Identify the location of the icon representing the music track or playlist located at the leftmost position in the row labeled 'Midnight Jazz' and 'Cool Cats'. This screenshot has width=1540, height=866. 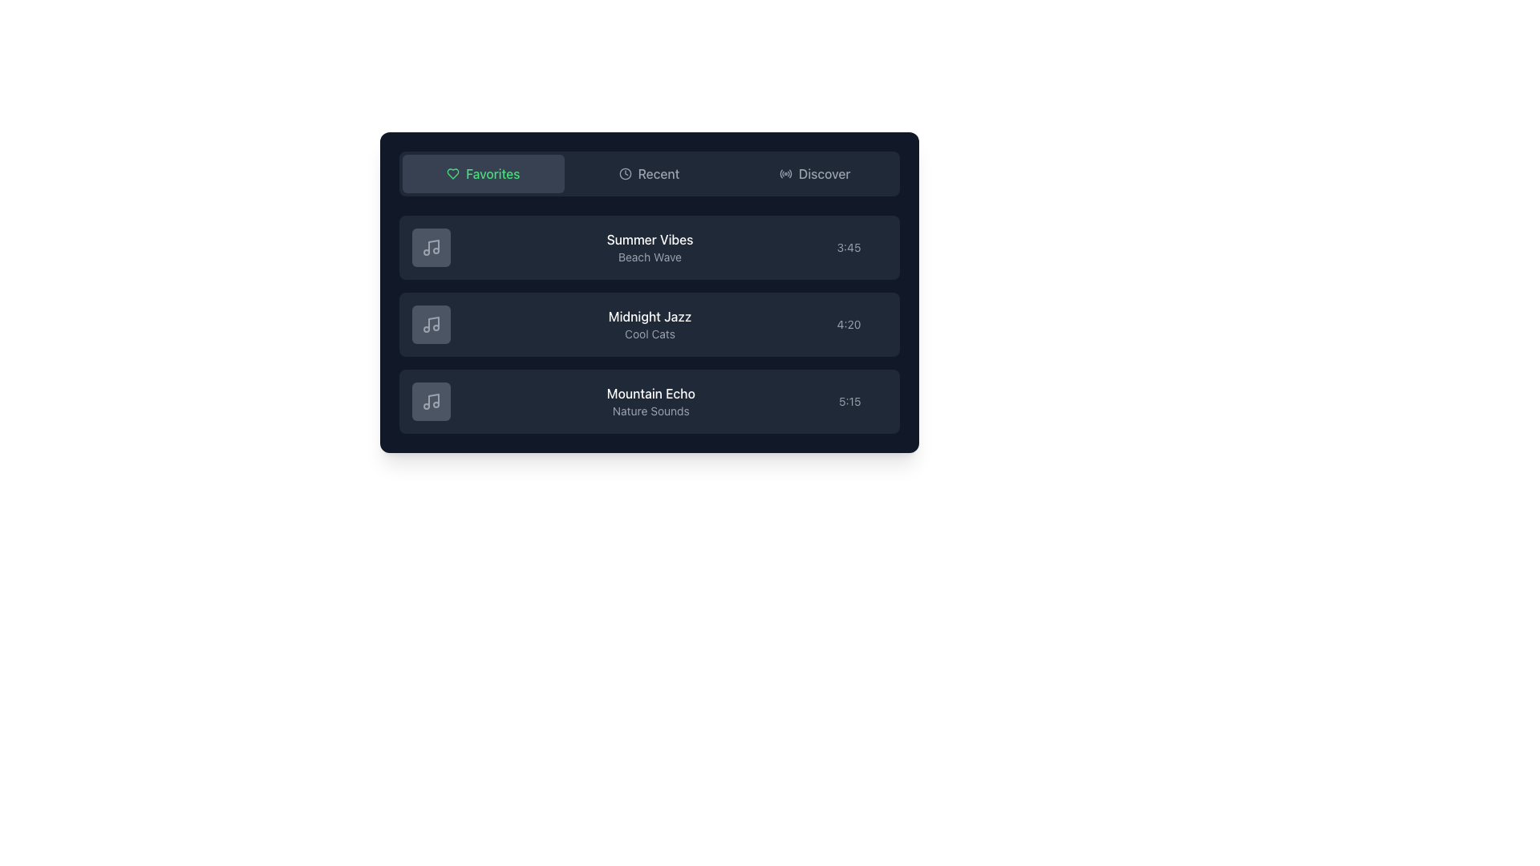
(431, 325).